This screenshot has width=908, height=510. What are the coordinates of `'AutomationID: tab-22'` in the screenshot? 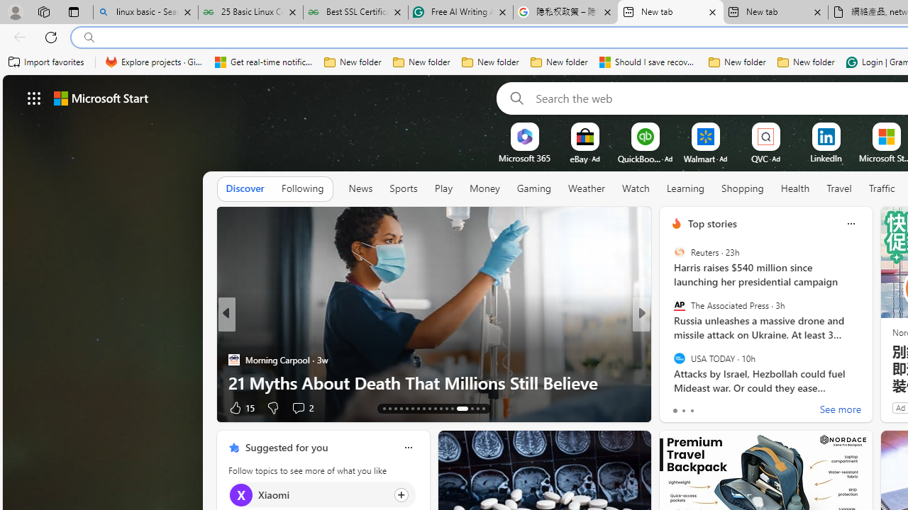 It's located at (434, 409).